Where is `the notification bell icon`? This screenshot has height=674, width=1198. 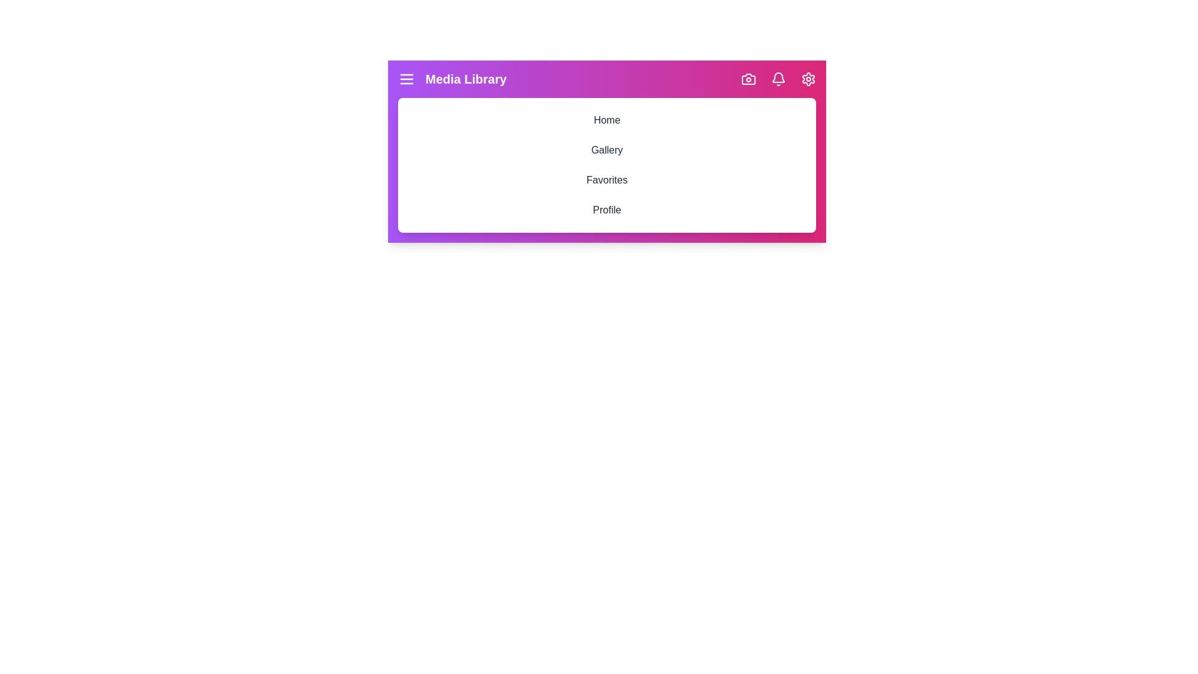 the notification bell icon is located at coordinates (778, 79).